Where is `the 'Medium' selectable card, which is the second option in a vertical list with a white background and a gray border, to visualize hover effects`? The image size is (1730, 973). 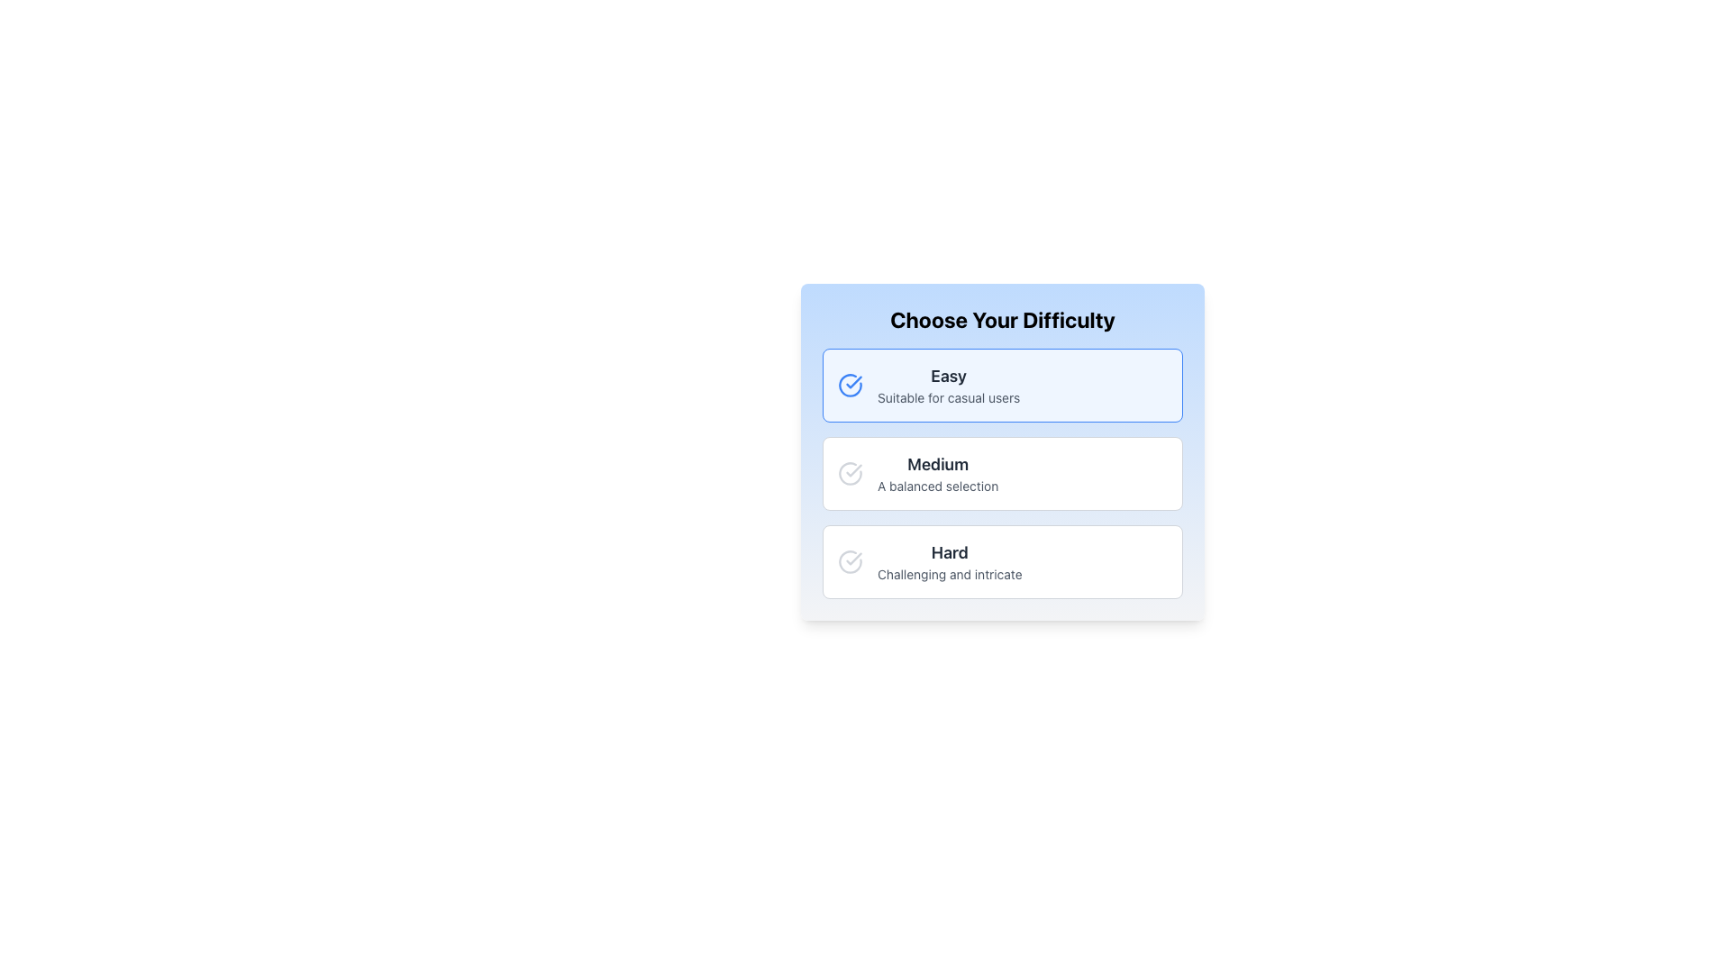 the 'Medium' selectable card, which is the second option in a vertical list with a white background and a gray border, to visualize hover effects is located at coordinates (1002, 472).